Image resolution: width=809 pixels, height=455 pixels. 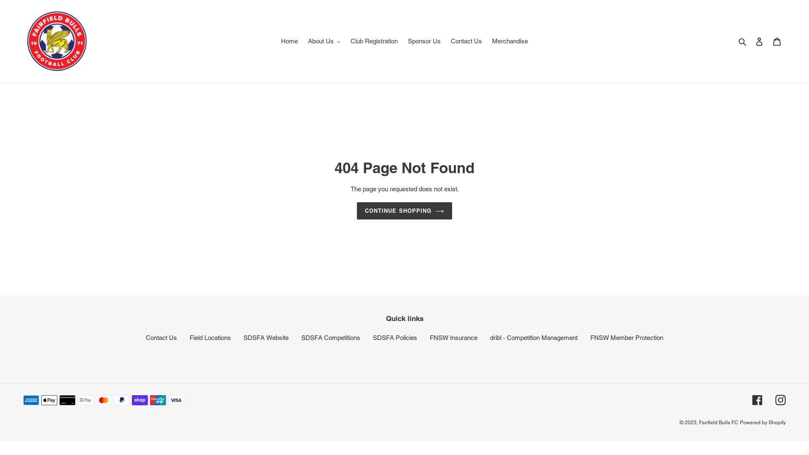 What do you see at coordinates (453, 337) in the screenshot?
I see `'FNSW Insurance'` at bounding box center [453, 337].